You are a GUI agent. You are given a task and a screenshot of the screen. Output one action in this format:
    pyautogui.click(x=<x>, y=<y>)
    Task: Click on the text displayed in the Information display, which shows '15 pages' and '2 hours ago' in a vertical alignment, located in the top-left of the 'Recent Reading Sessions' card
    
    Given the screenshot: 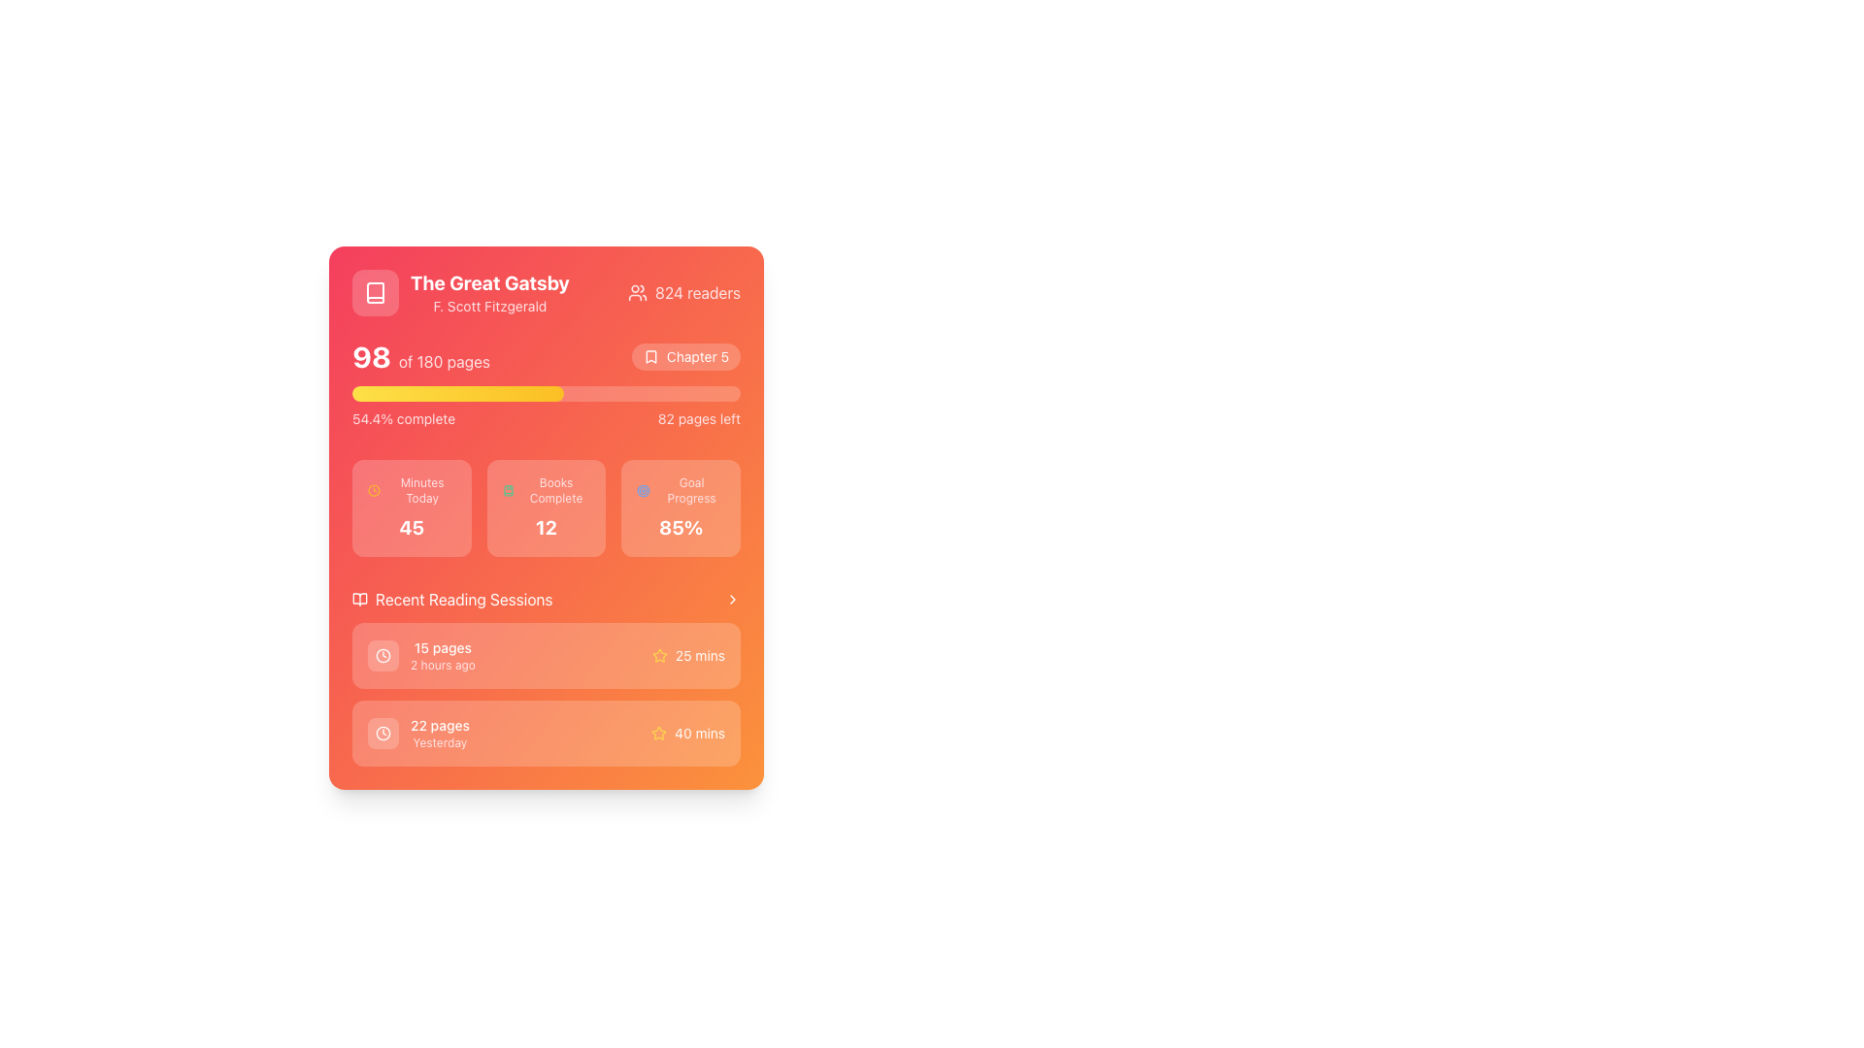 What is the action you would take?
    pyautogui.click(x=420, y=655)
    